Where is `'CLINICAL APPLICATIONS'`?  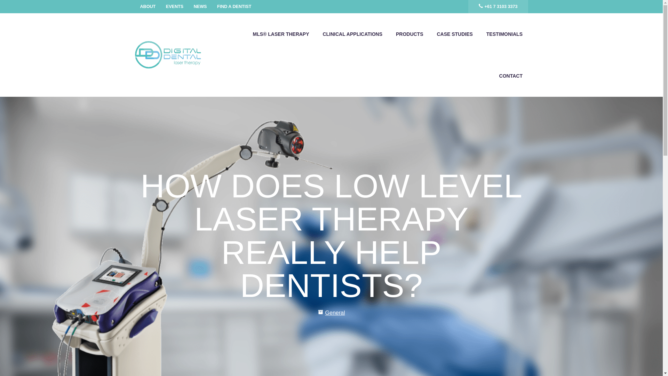 'CLINICAL APPLICATIONS' is located at coordinates (352, 34).